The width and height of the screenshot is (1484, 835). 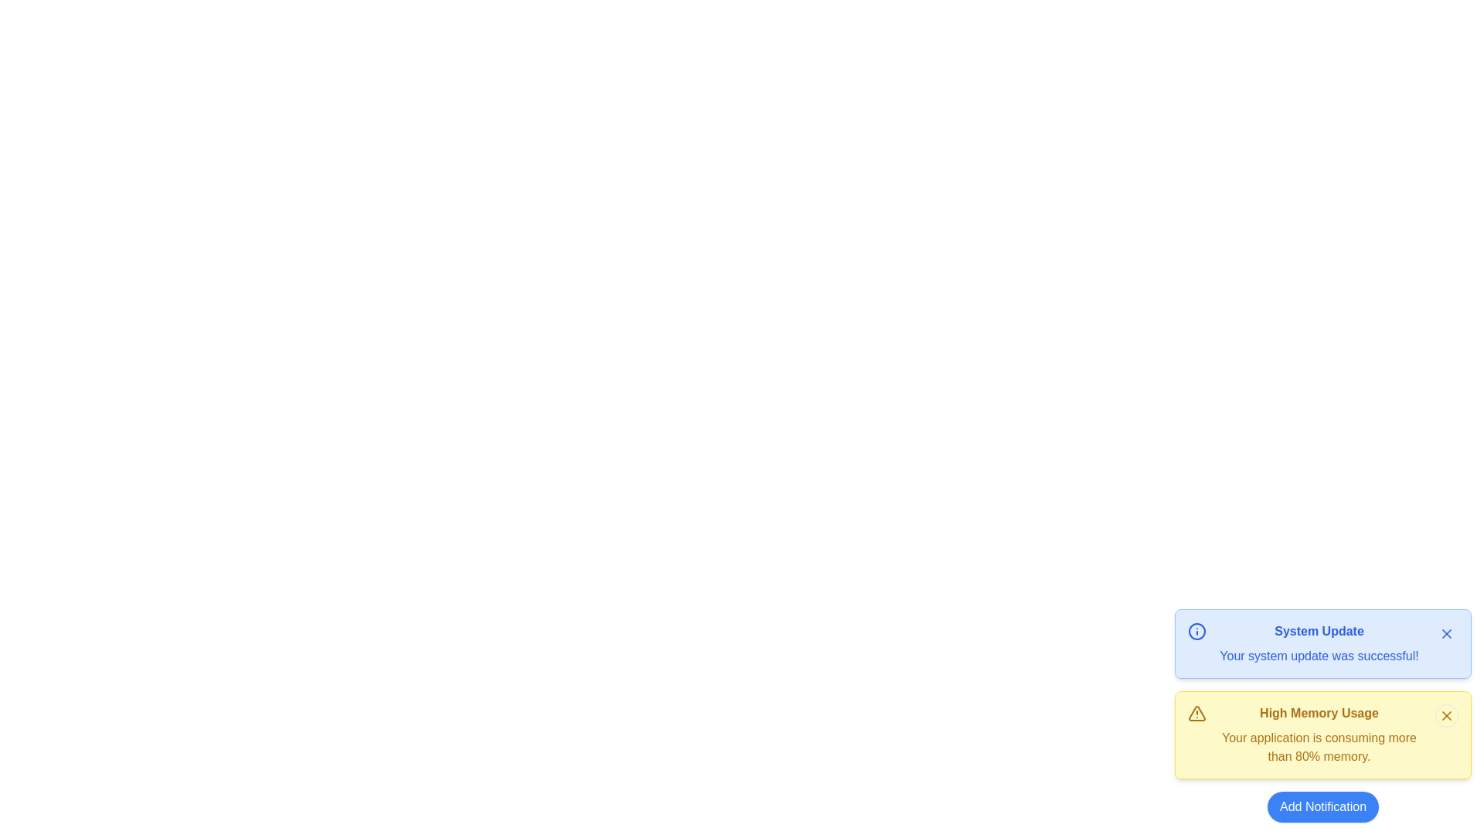 What do you see at coordinates (1319, 632) in the screenshot?
I see `the notification title label indicating a system-related update, which is located at the top of the notification section` at bounding box center [1319, 632].